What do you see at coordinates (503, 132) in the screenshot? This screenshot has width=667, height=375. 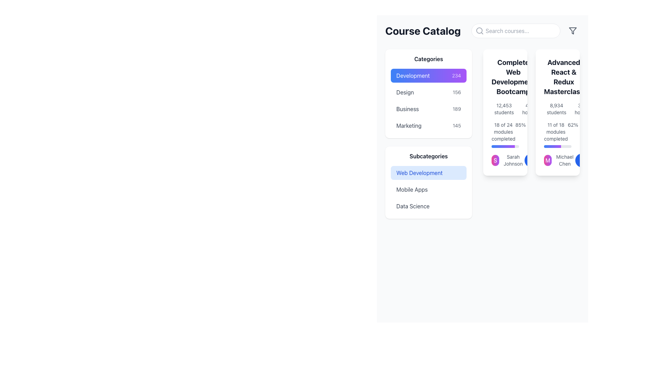 I see `the text label displaying progress information for the 'Complete Web Development Bootcamp' course, which is located below the course title and above the horizontal progress bar` at bounding box center [503, 132].